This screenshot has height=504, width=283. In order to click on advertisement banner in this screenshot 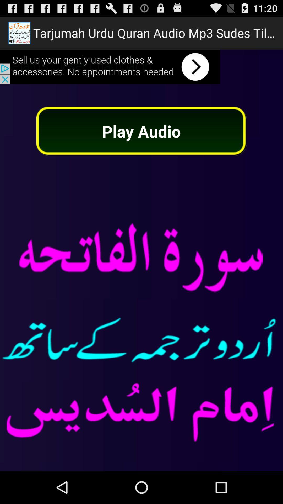, I will do `click(110, 66)`.